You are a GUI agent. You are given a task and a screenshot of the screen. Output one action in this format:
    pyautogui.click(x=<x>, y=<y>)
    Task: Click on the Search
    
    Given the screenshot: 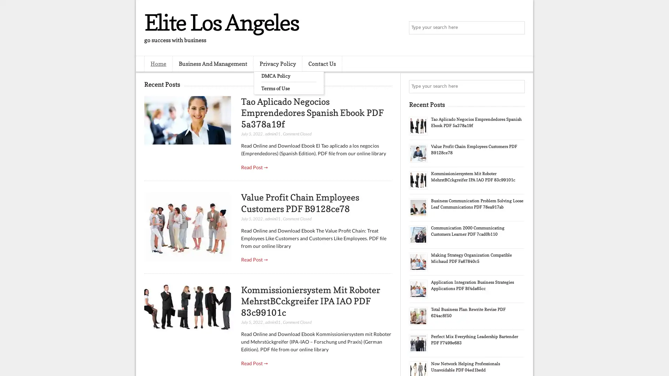 What is the action you would take?
    pyautogui.click(x=517, y=28)
    